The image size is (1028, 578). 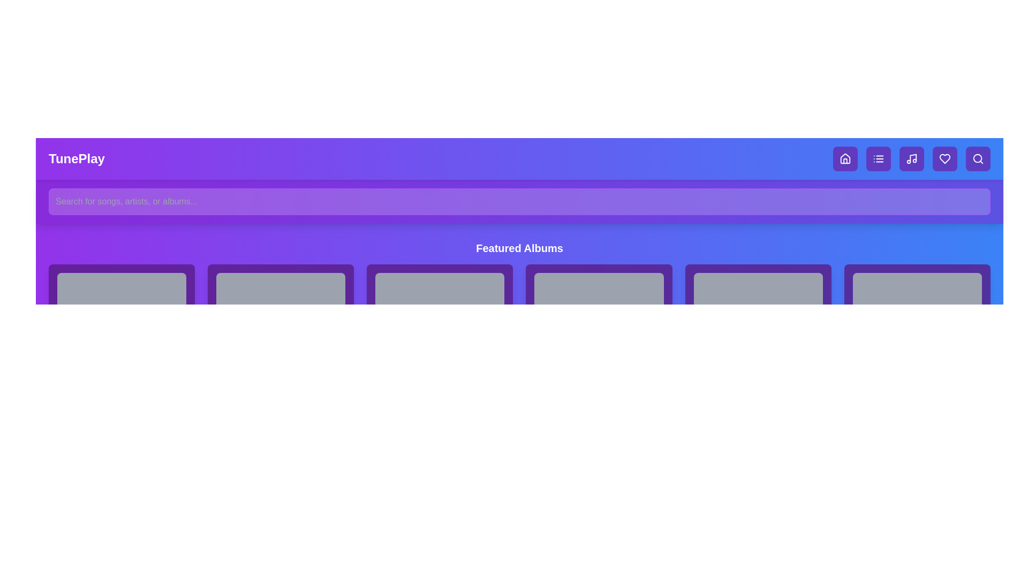 I want to click on the search input field to activate it for text entry, so click(x=519, y=202).